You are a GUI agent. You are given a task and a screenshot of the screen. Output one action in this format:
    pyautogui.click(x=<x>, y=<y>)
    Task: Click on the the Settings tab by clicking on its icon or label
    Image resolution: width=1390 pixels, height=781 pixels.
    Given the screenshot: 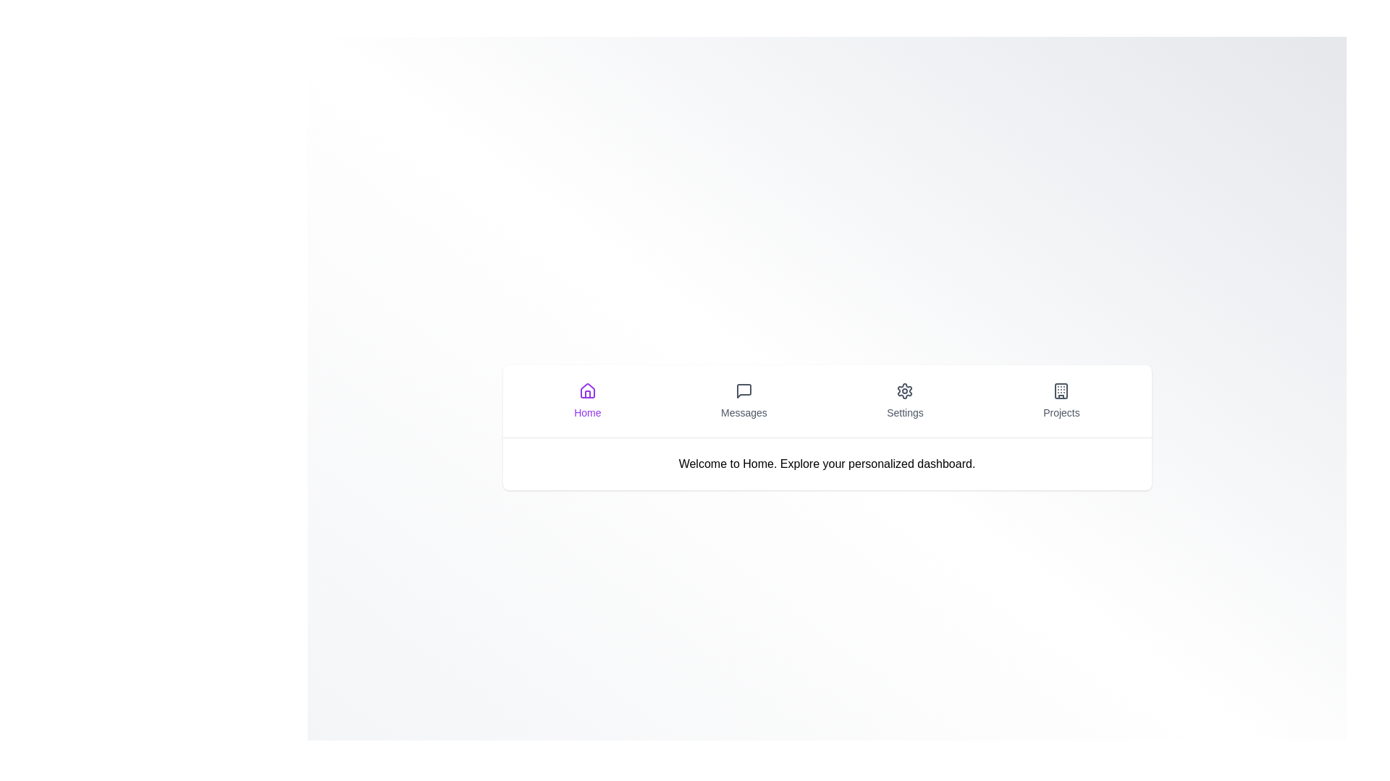 What is the action you would take?
    pyautogui.click(x=904, y=401)
    